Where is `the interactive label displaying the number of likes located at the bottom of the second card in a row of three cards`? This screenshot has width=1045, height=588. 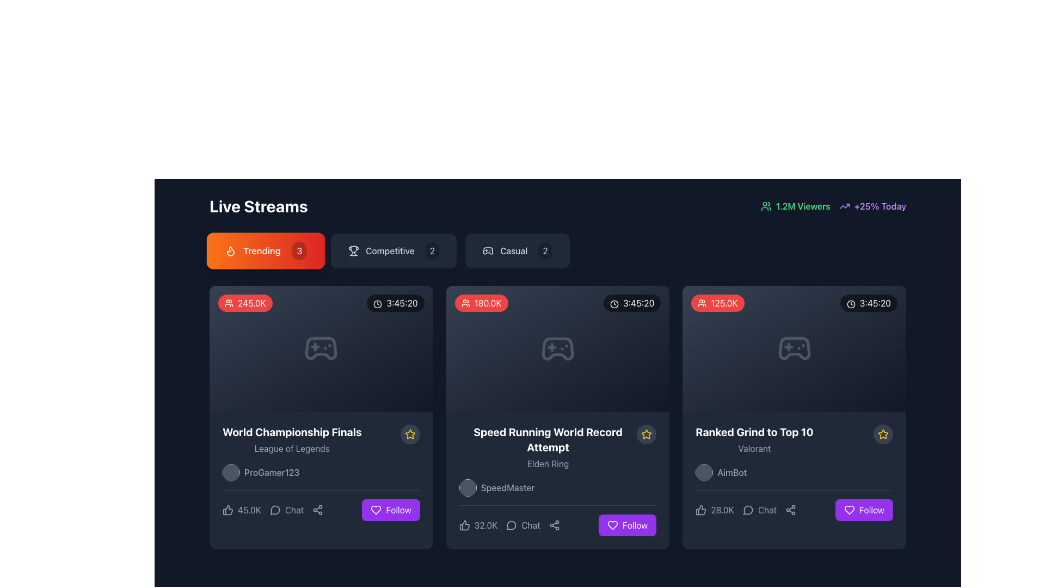
the interactive label displaying the number of likes located at the bottom of the second card in a row of three cards is located at coordinates (478, 524).